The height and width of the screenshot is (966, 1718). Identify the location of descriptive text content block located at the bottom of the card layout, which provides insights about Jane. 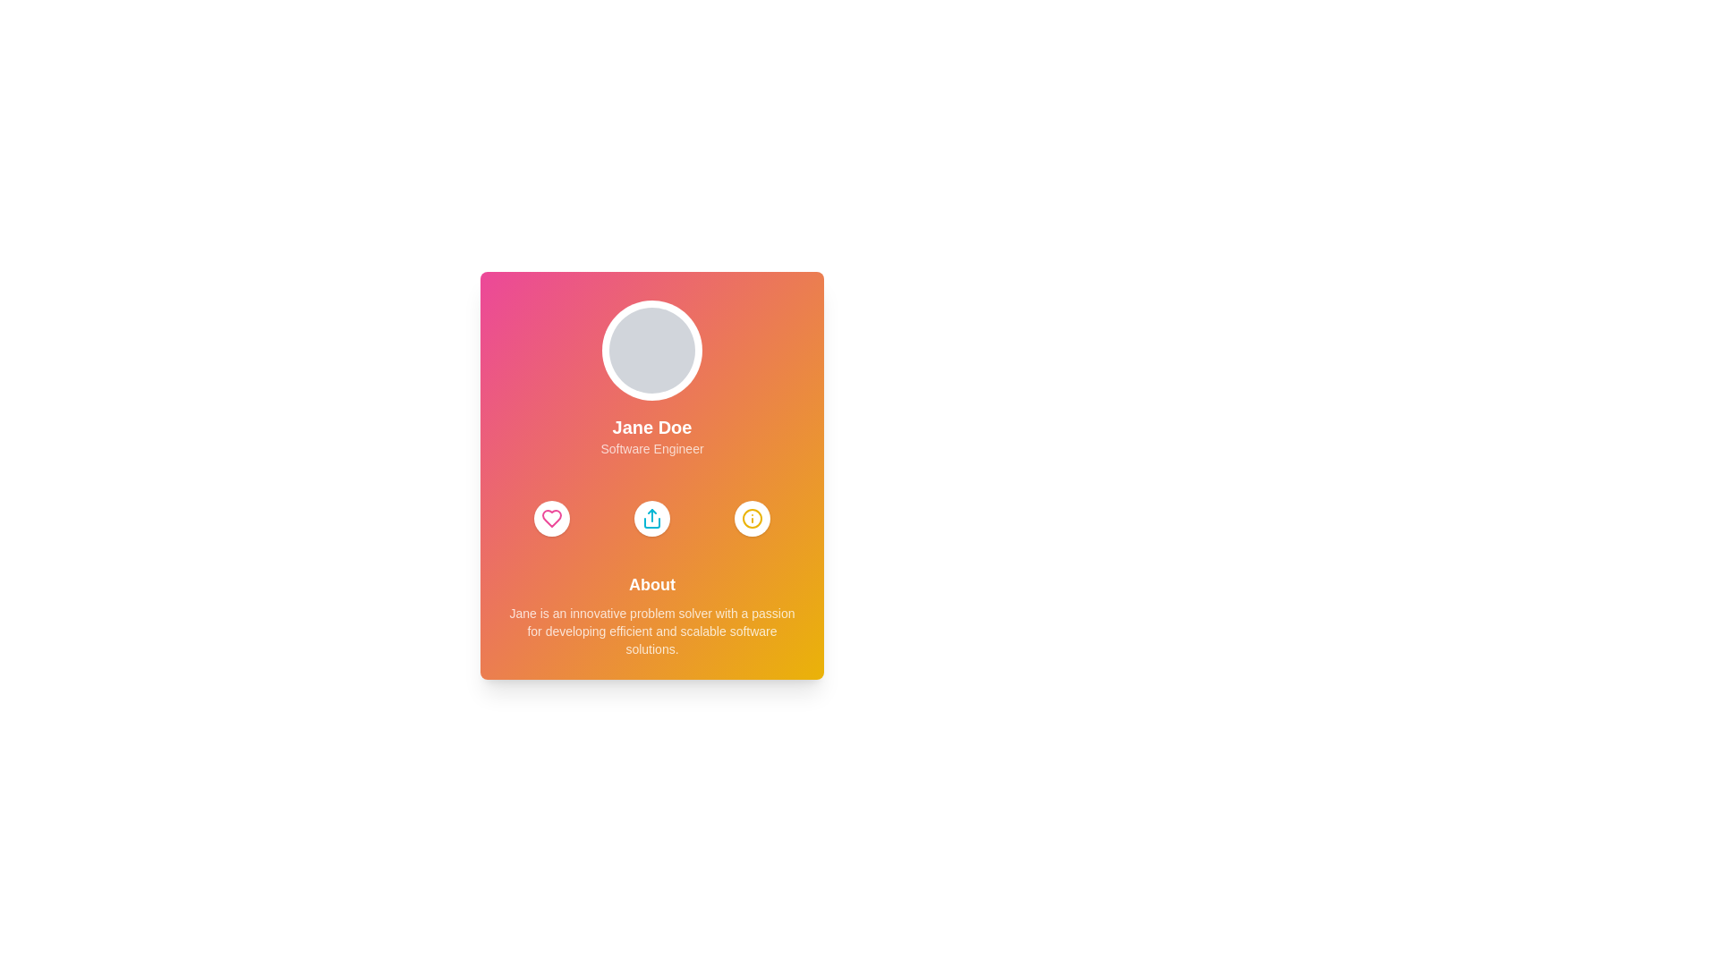
(651, 614).